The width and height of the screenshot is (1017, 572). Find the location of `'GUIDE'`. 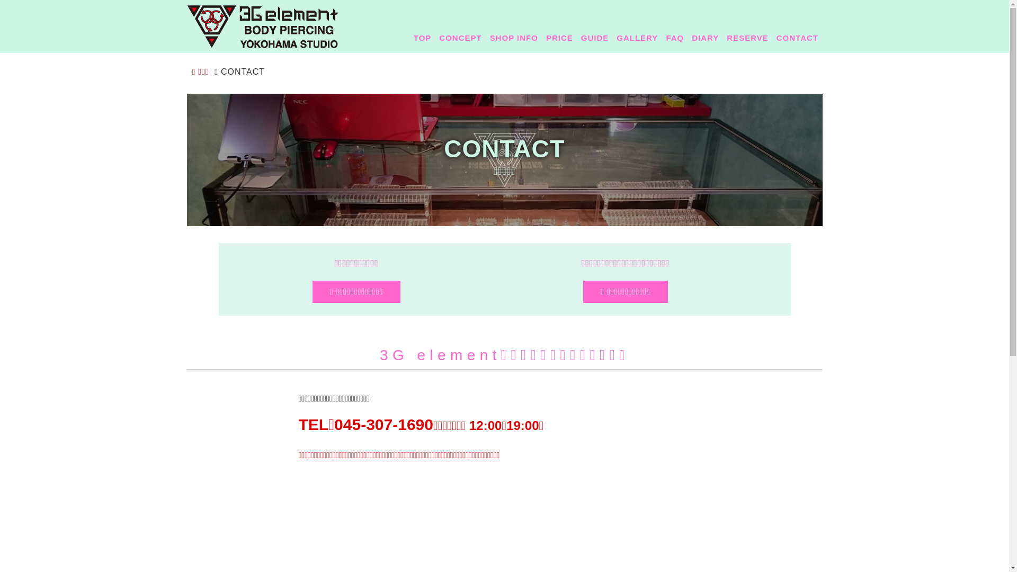

'GUIDE' is located at coordinates (595, 37).